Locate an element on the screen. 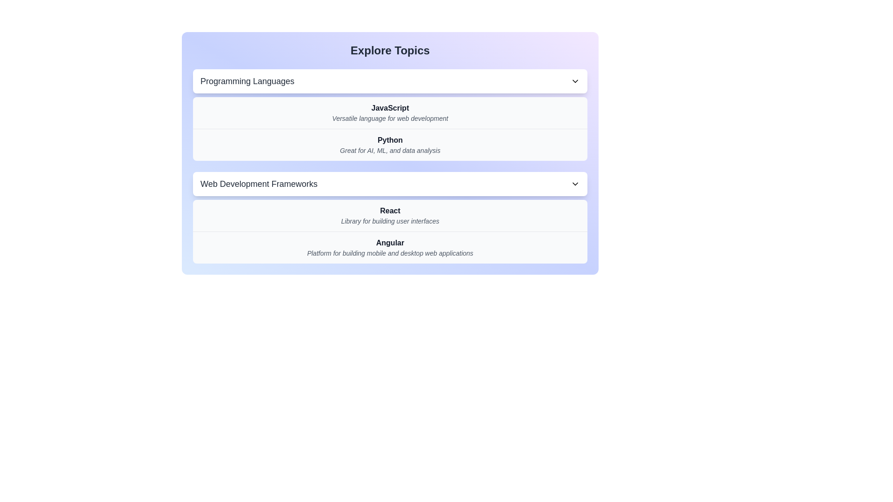 Image resolution: width=893 pixels, height=502 pixels. the static text label 'Angular' which serves as the title for the description pertaining to this framework, located in the section 'Web Development Frameworks' is located at coordinates (390, 243).